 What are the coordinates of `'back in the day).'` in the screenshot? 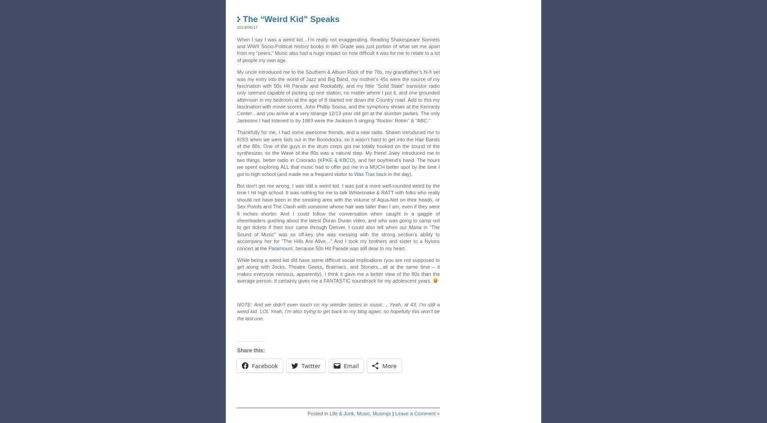 It's located at (393, 173).